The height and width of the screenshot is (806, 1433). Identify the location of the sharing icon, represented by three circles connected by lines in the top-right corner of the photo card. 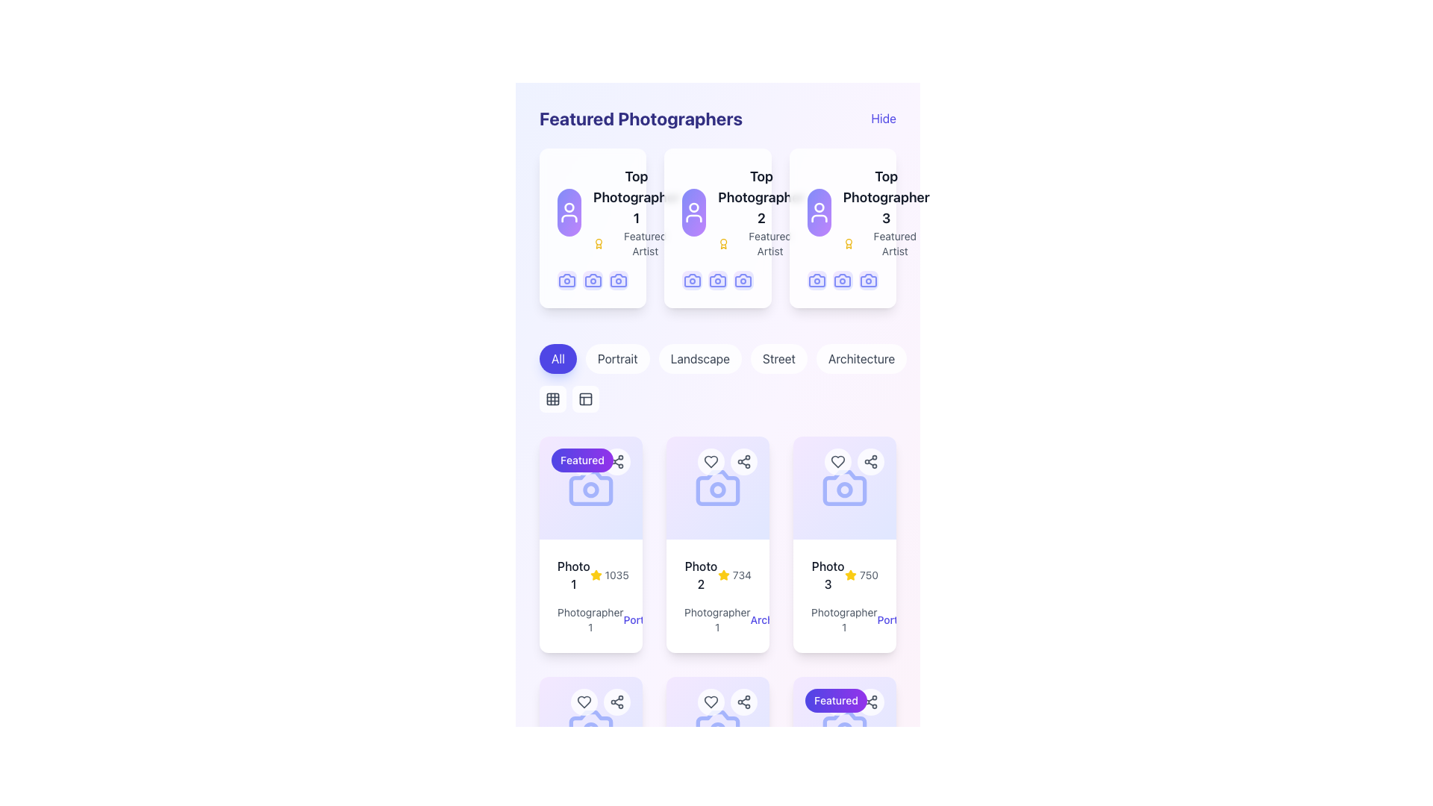
(744, 702).